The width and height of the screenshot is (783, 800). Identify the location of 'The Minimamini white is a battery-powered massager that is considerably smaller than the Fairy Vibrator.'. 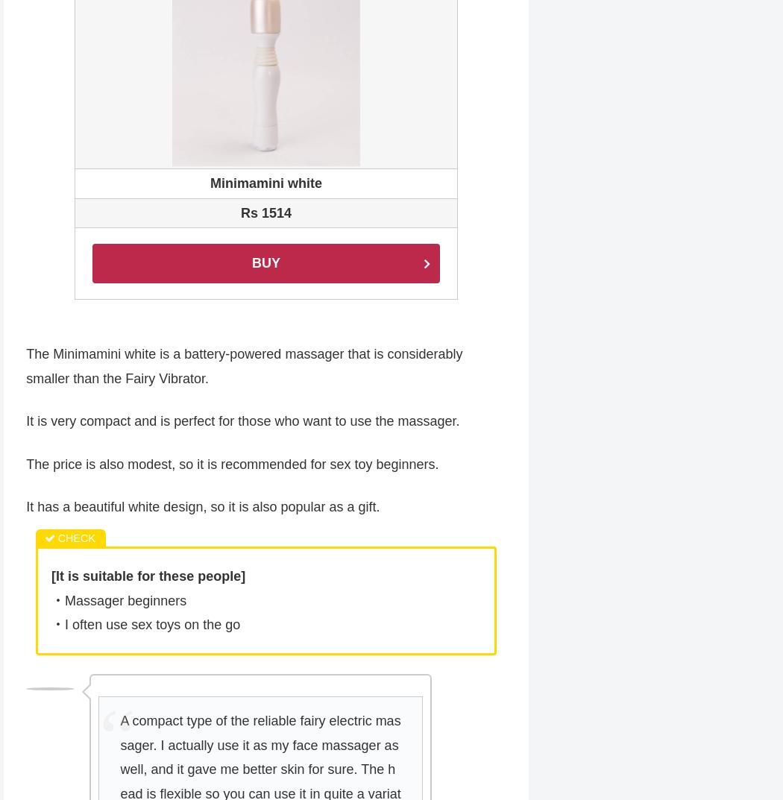
(244, 367).